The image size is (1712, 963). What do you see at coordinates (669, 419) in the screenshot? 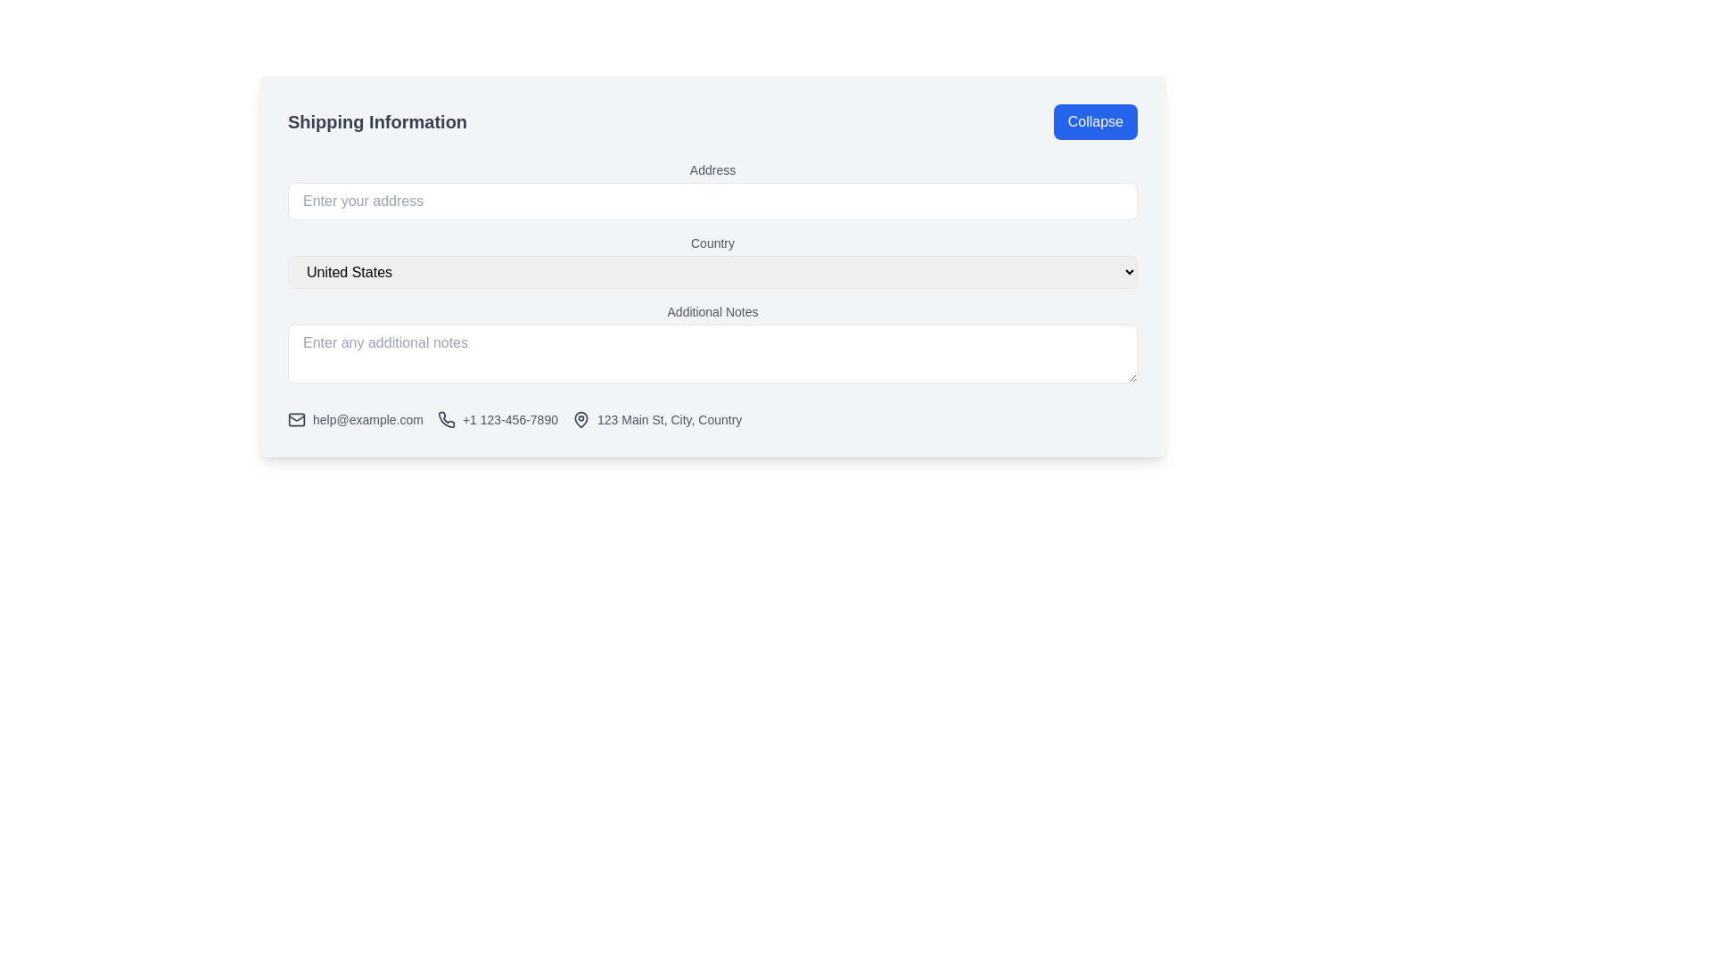
I see `the text label displaying '123 Main St, City, Country', which is styled with a small gray font and located on the bottom-right side of the layout` at bounding box center [669, 419].